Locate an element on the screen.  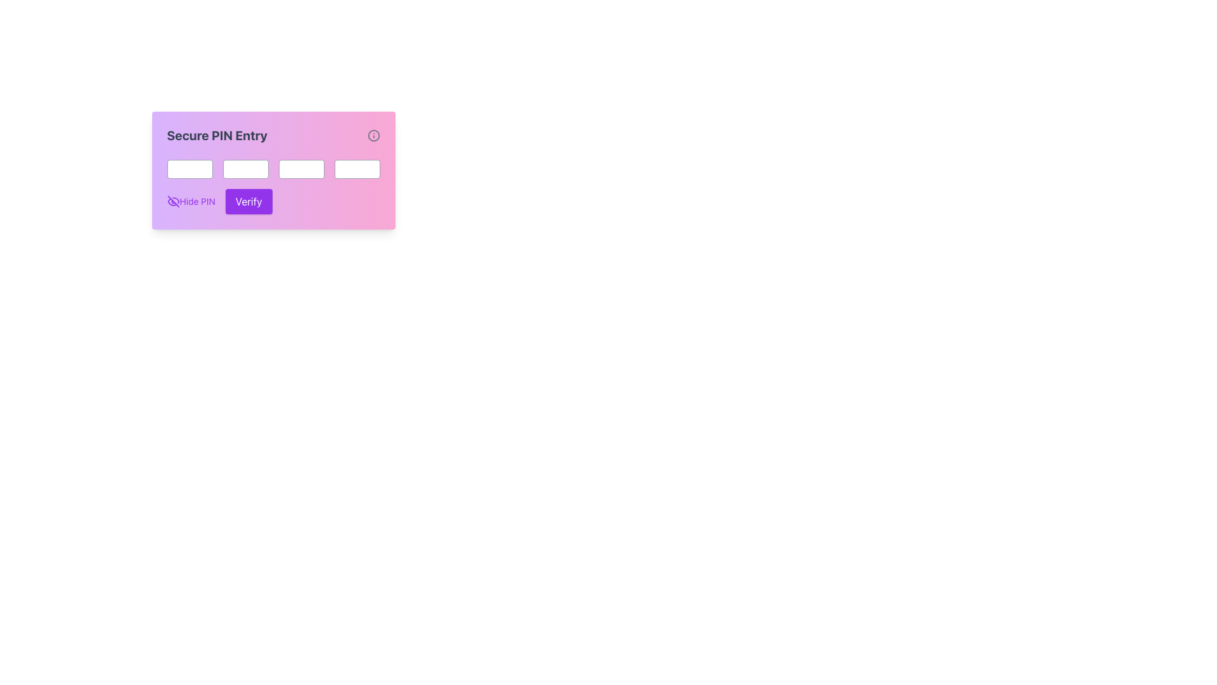
the button that toggles the visibility of the entered PIN, located beside the 'Verify' button in the bottom section of the PIN entry interface to potentially see tooltips is located at coordinates (190, 200).